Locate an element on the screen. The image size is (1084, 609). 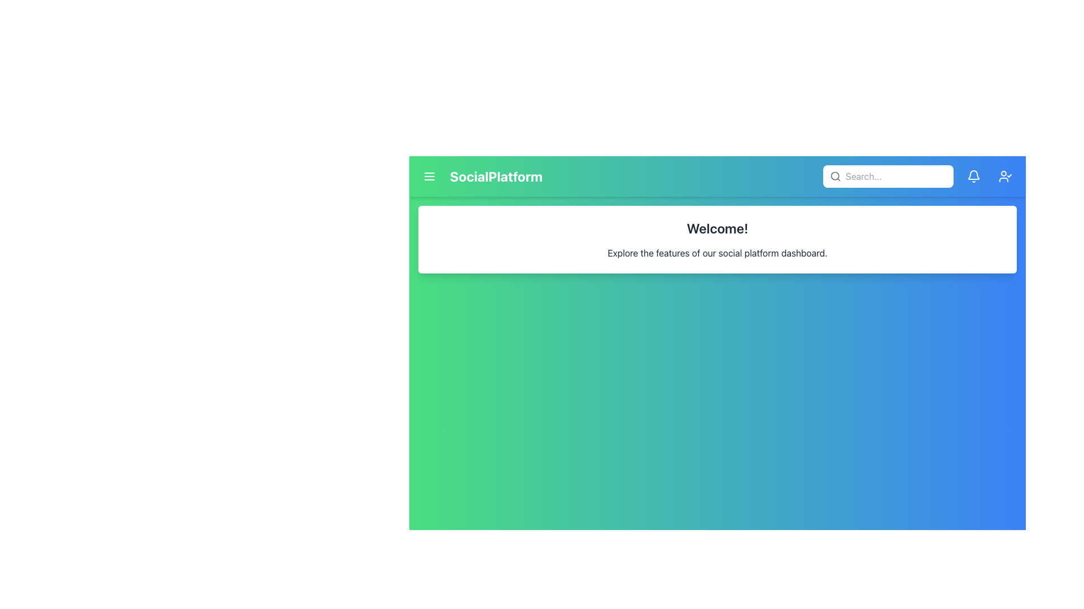
the circular lens portion of the search icon located in the top-right section of the interface within the SVG is located at coordinates (835, 176).